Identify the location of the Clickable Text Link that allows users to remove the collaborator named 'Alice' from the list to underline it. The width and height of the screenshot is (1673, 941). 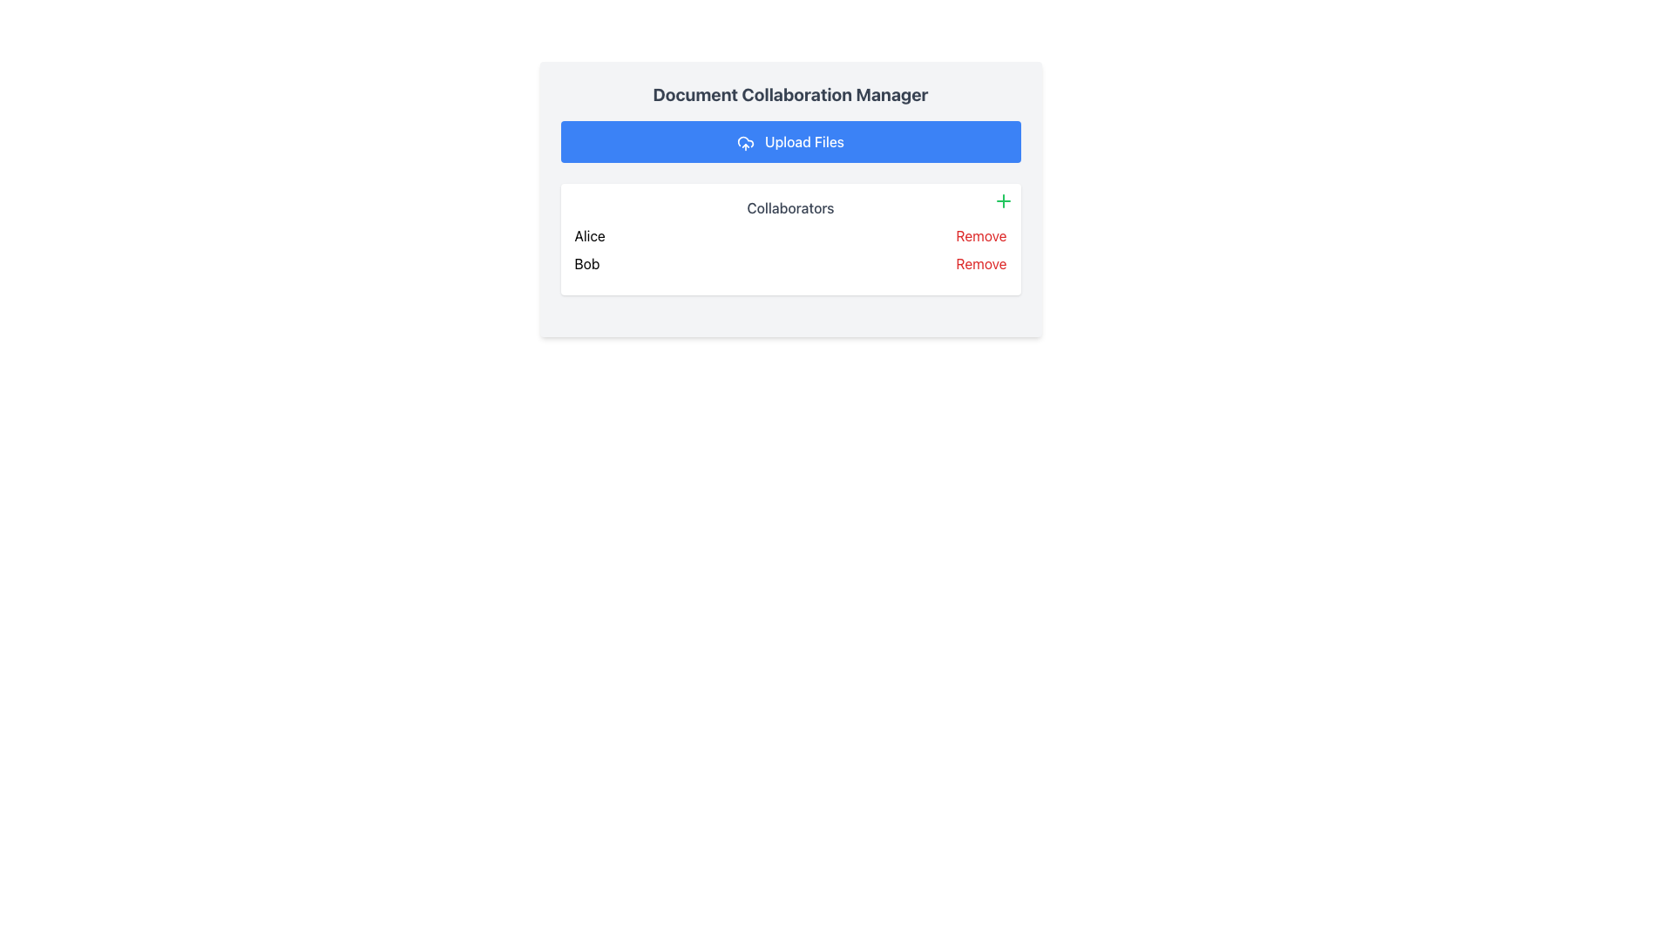
(981, 235).